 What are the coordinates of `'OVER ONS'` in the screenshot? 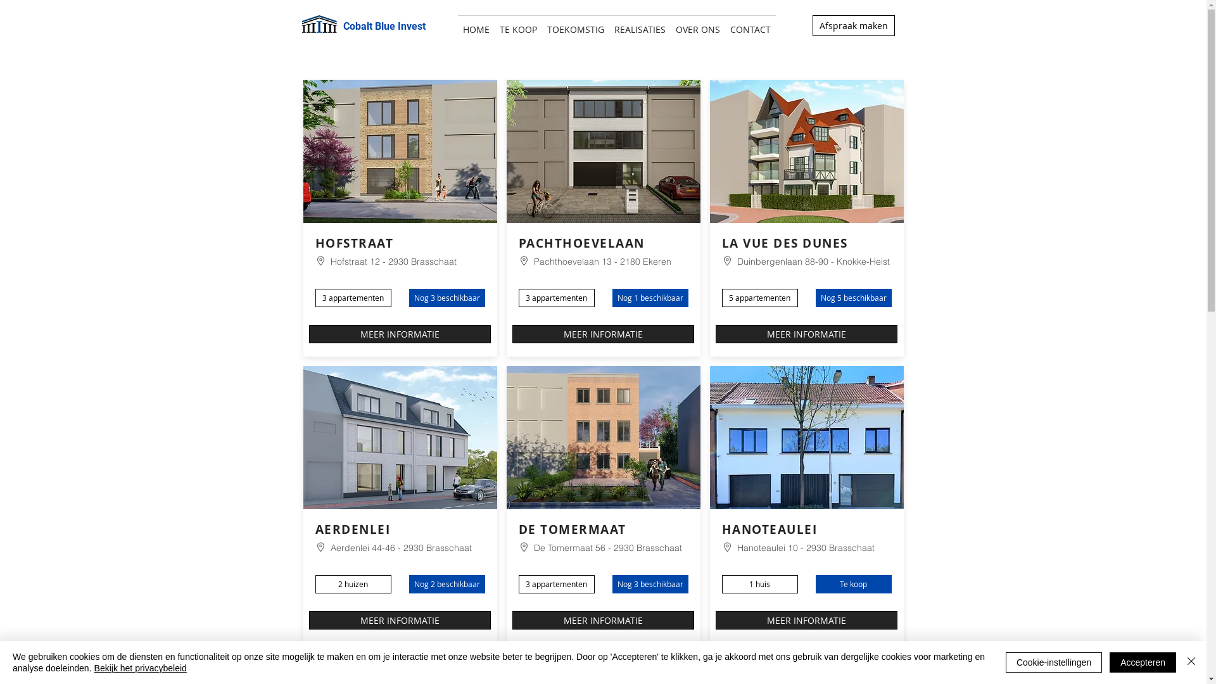 It's located at (670, 23).